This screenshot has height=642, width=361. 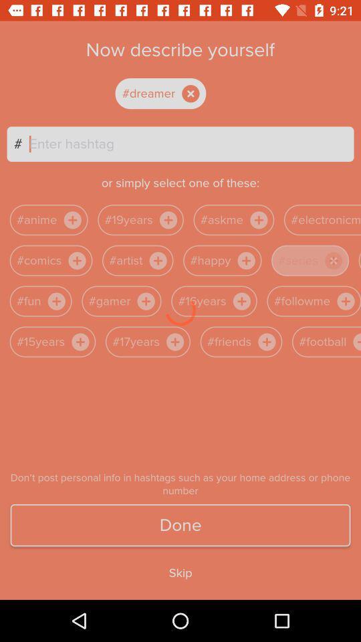 What do you see at coordinates (191, 144) in the screenshot?
I see `the icon to the right of the # item` at bounding box center [191, 144].